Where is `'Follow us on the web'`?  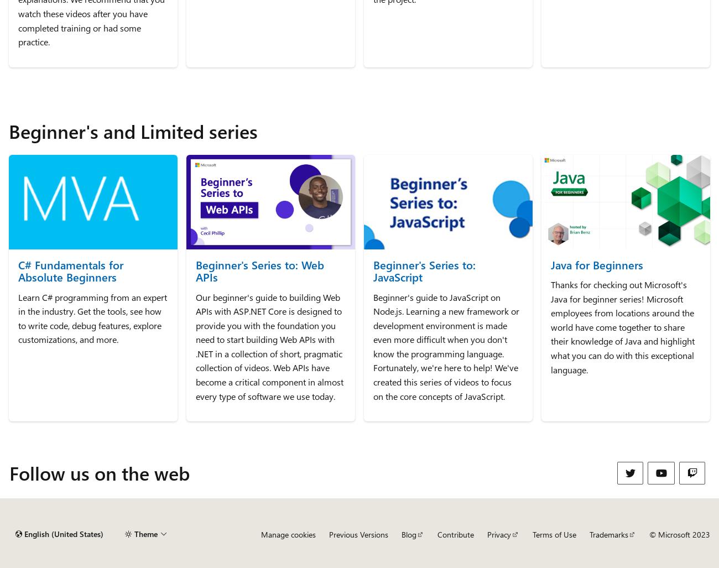
'Follow us on the web' is located at coordinates (100, 472).